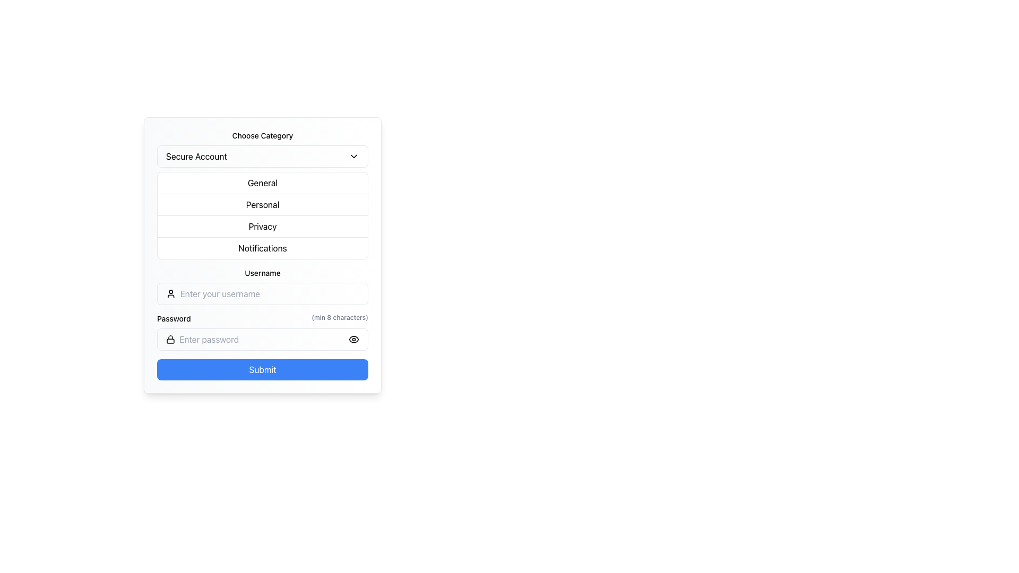  I want to click on instructional text label indicating that the password must have a minimum length of 8 characters, located to the right of the main 'Password' label in the form, so click(340, 318).